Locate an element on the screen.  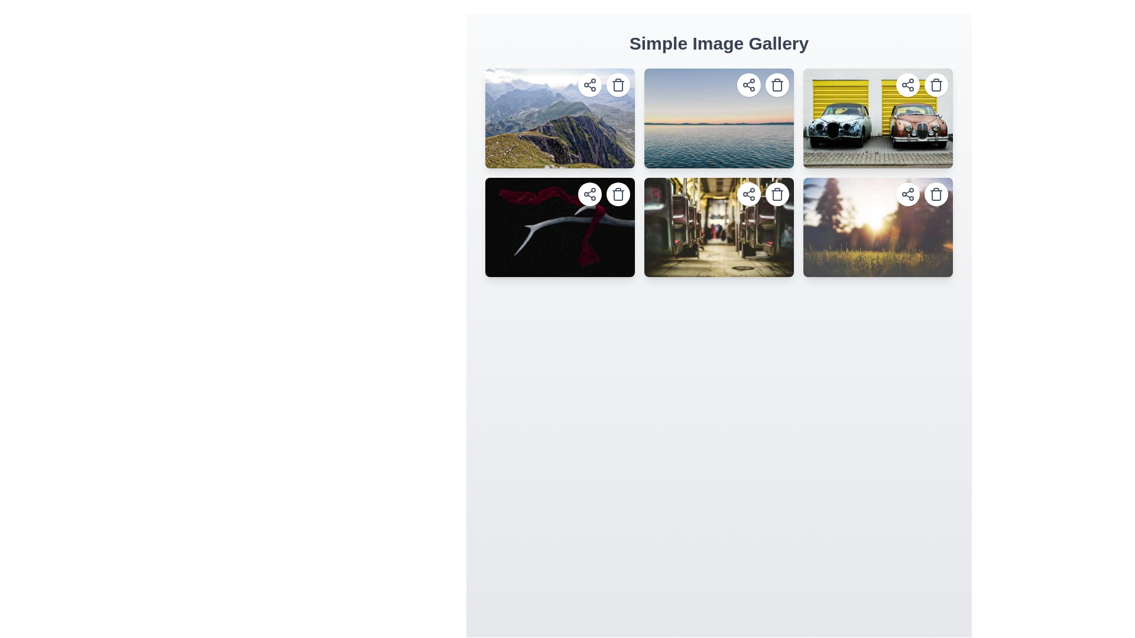
the outlined trash bin icon located at the top-right corner of the first image in the first row of the image gallery is located at coordinates (618, 84).